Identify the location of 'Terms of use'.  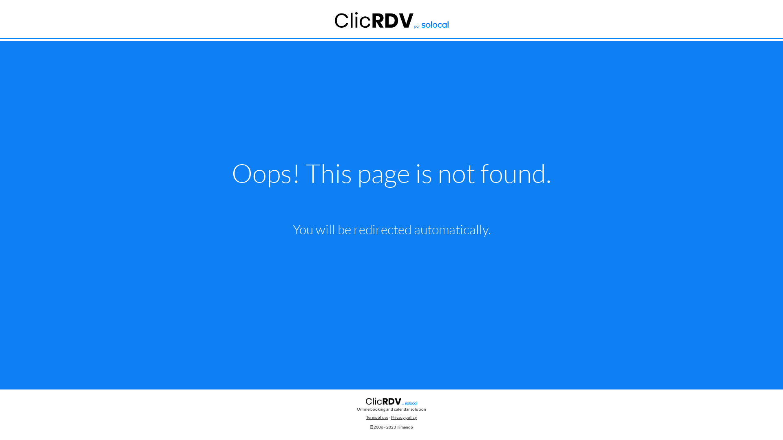
(377, 417).